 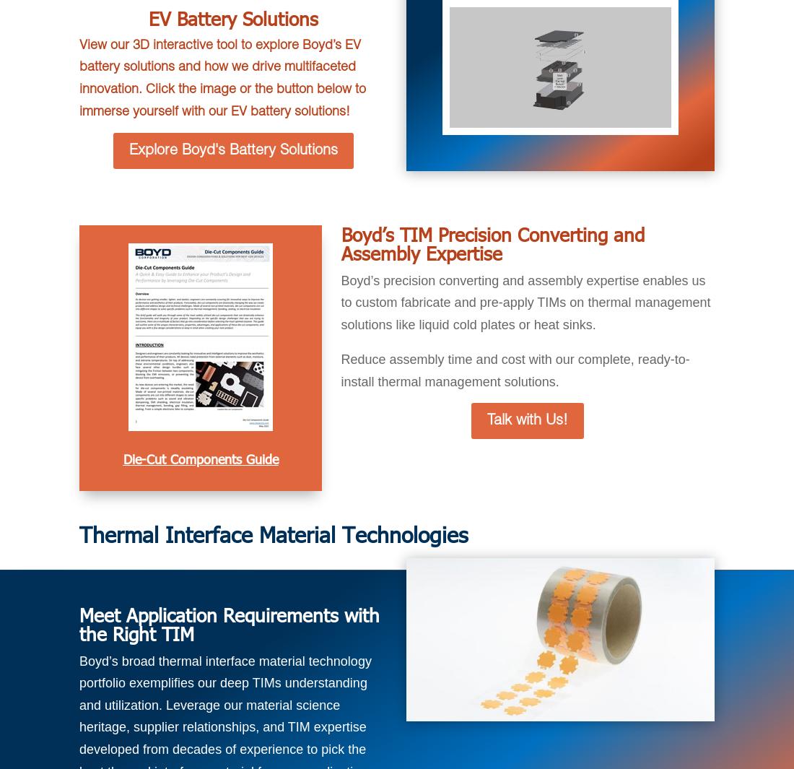 What do you see at coordinates (340, 370) in the screenshot?
I see `'Reduce assembly time and cost with our complete, ready-to-install thermal management solutions.'` at bounding box center [340, 370].